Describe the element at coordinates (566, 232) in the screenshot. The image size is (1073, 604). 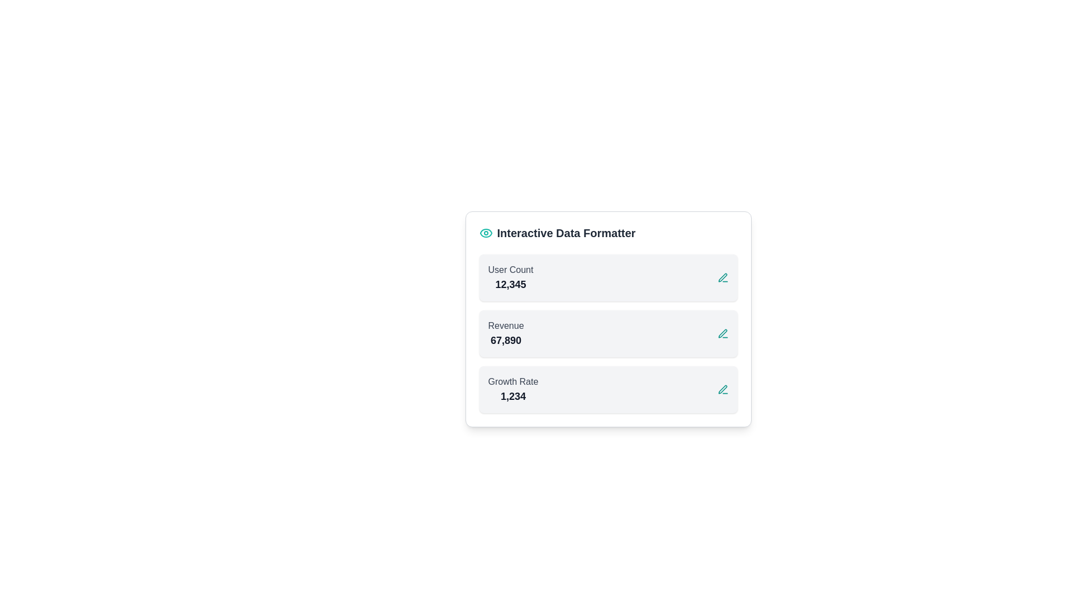
I see `the text label reading 'Interactive Data Formatter', which is styled with bold text in a large font size and dark gray color, located in the upper section of a card-like layout` at that location.